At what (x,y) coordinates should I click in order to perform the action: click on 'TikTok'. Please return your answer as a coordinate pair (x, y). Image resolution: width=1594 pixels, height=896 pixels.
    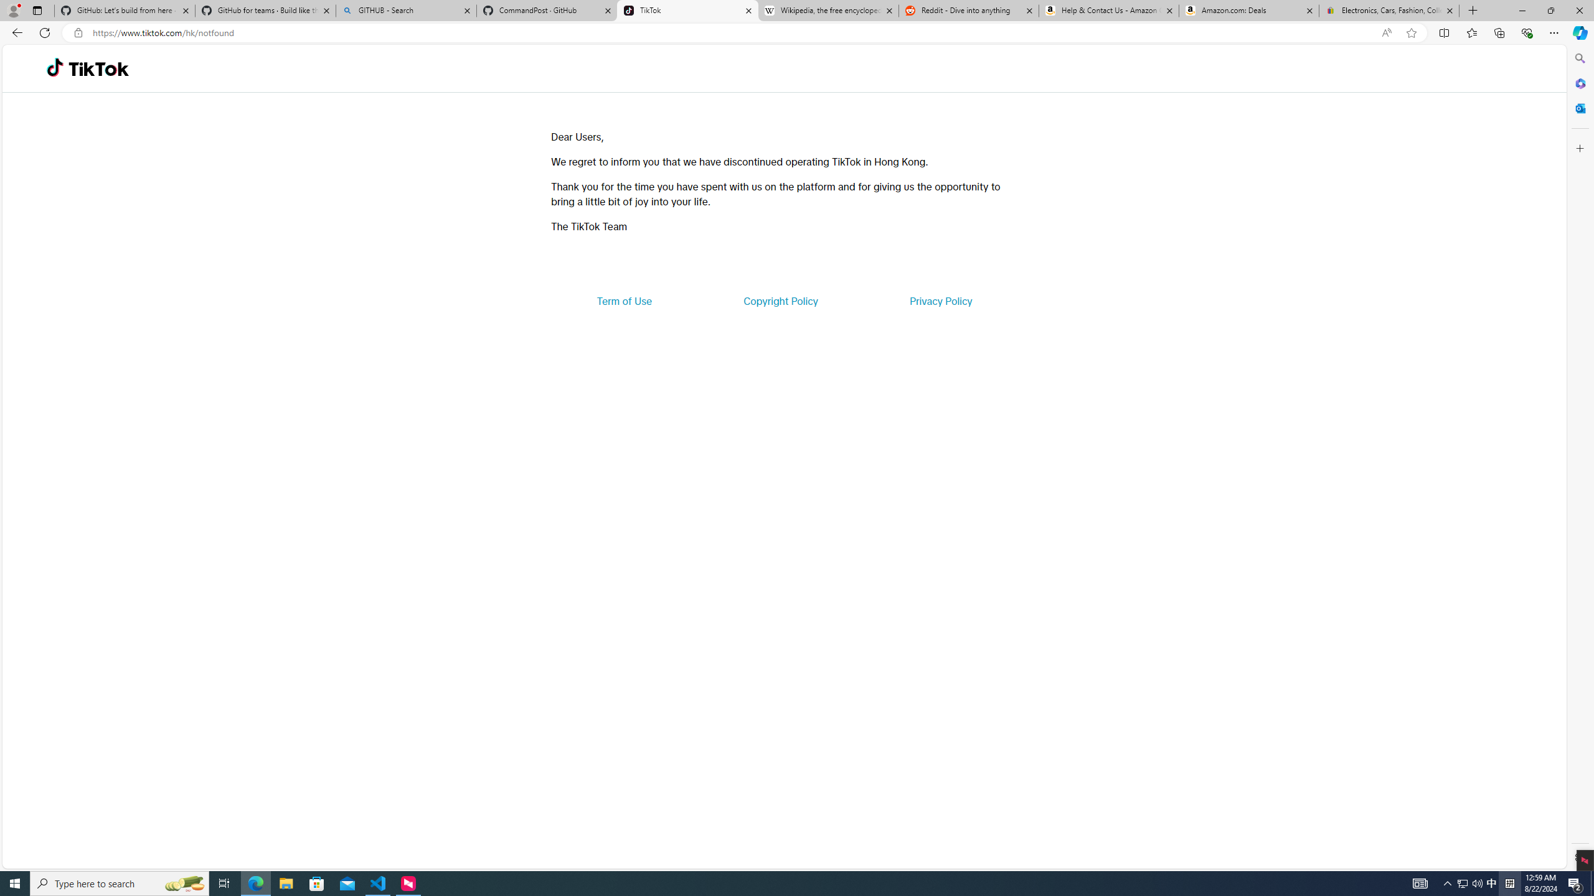
    Looking at the image, I should click on (98, 68).